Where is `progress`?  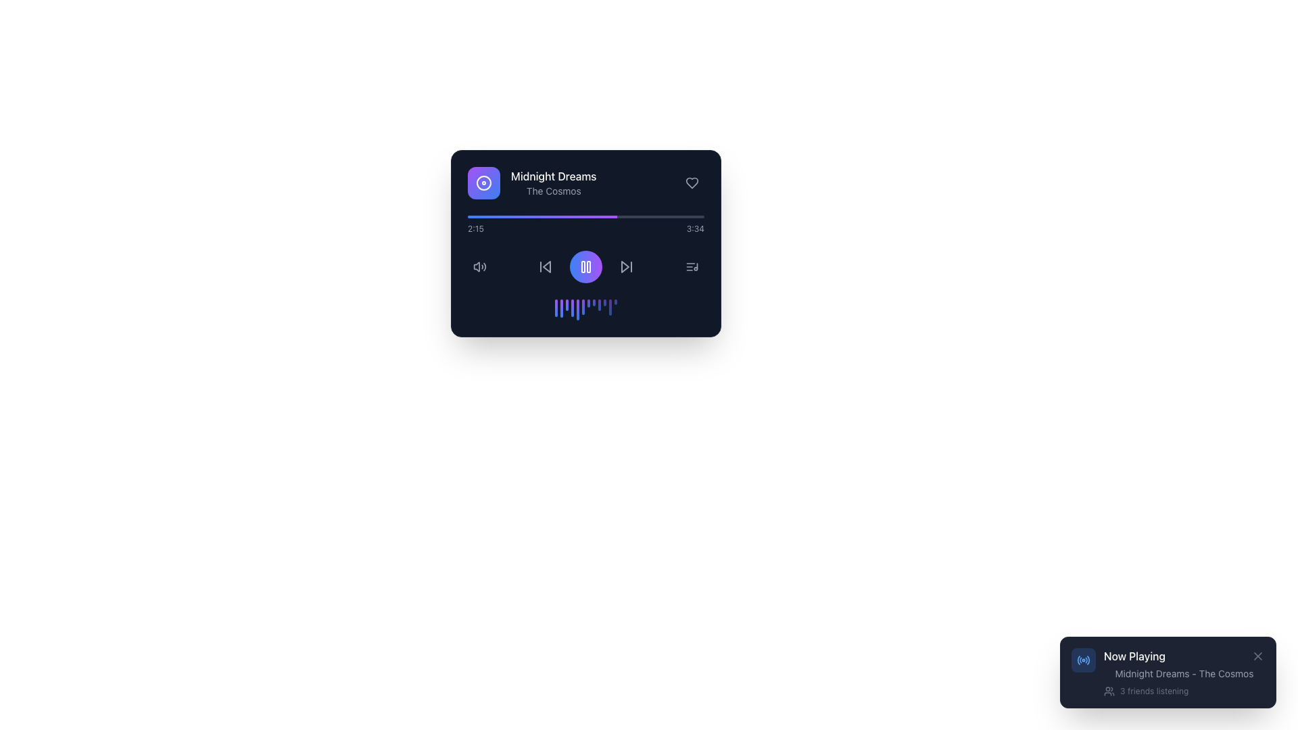 progress is located at coordinates (586, 216).